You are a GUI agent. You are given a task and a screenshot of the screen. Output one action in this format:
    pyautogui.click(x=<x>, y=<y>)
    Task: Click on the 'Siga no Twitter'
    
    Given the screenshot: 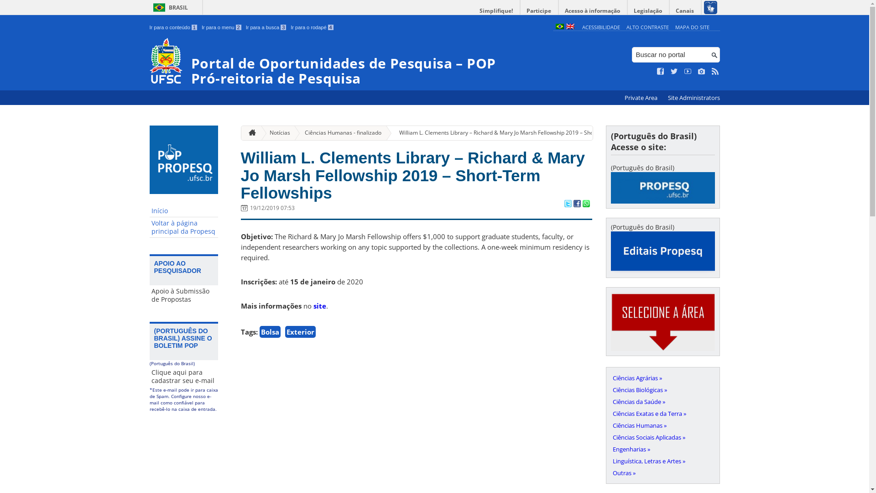 What is the action you would take?
    pyautogui.click(x=674, y=71)
    